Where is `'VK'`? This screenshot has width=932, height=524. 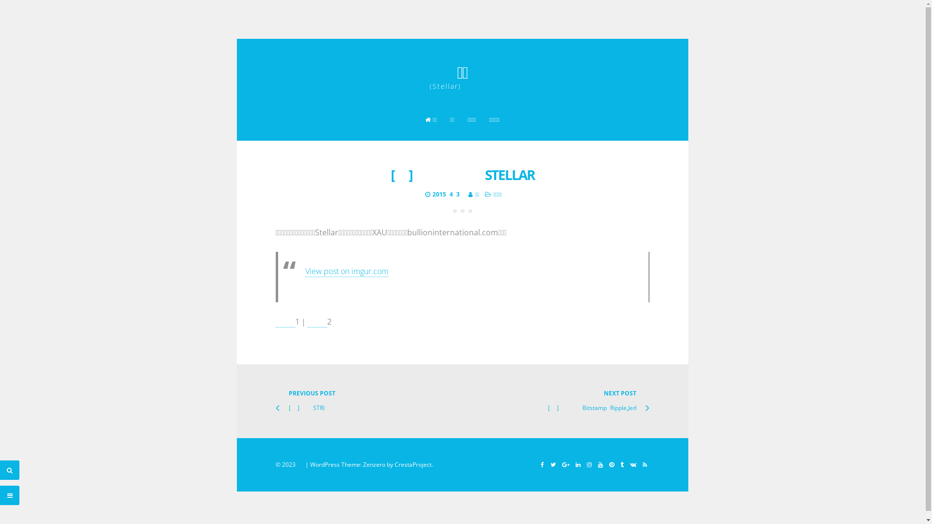
'VK' is located at coordinates (632, 464).